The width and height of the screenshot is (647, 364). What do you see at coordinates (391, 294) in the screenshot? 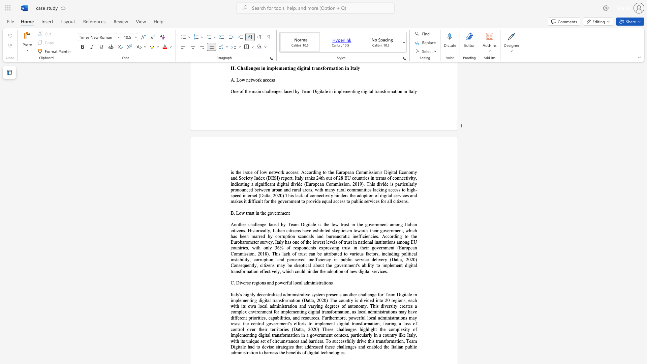
I see `the 7th character "a" in the text` at bounding box center [391, 294].